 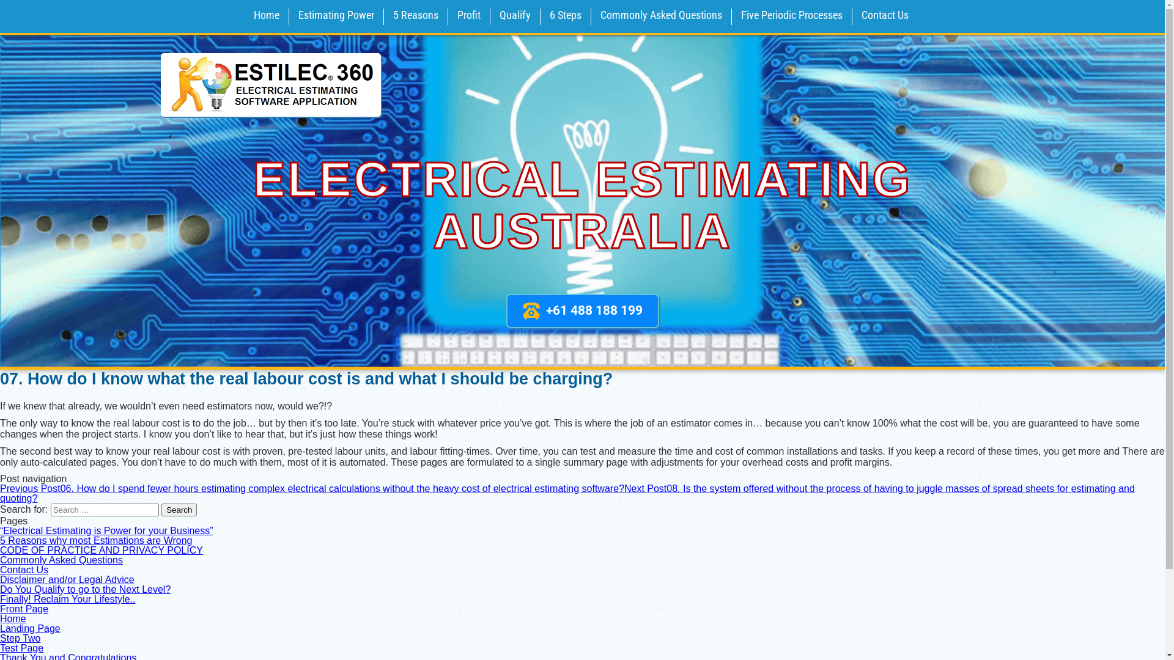 I want to click on 'Test Page', so click(x=0, y=647).